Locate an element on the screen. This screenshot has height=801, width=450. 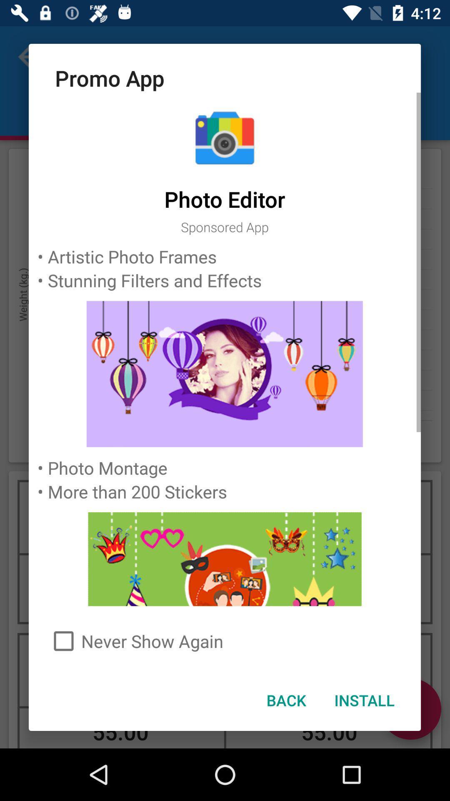
item next to the back icon is located at coordinates (364, 700).